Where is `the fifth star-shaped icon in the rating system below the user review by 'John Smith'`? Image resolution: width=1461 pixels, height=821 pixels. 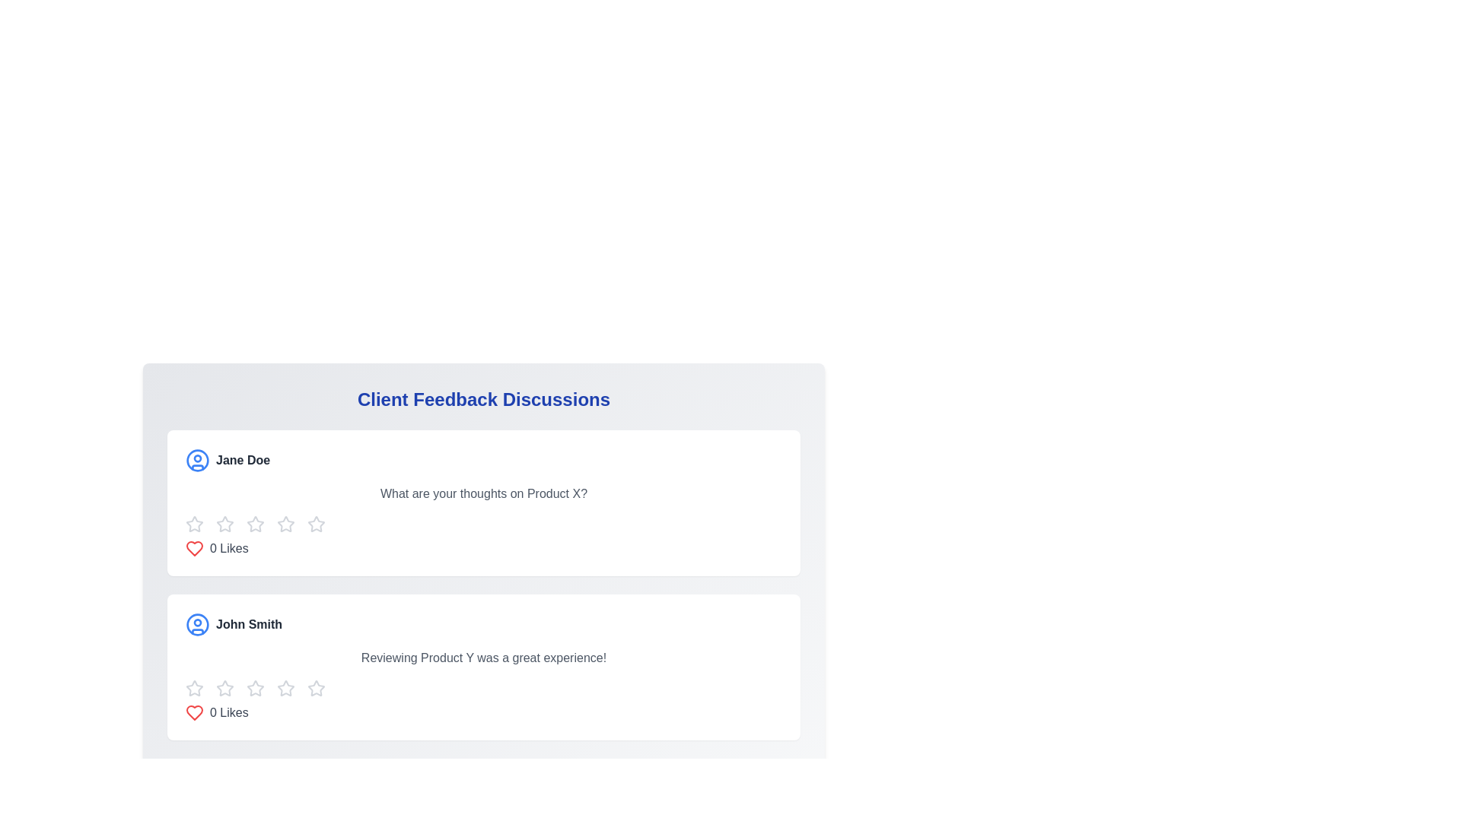 the fifth star-shaped icon in the rating system below the user review by 'John Smith' is located at coordinates (285, 689).